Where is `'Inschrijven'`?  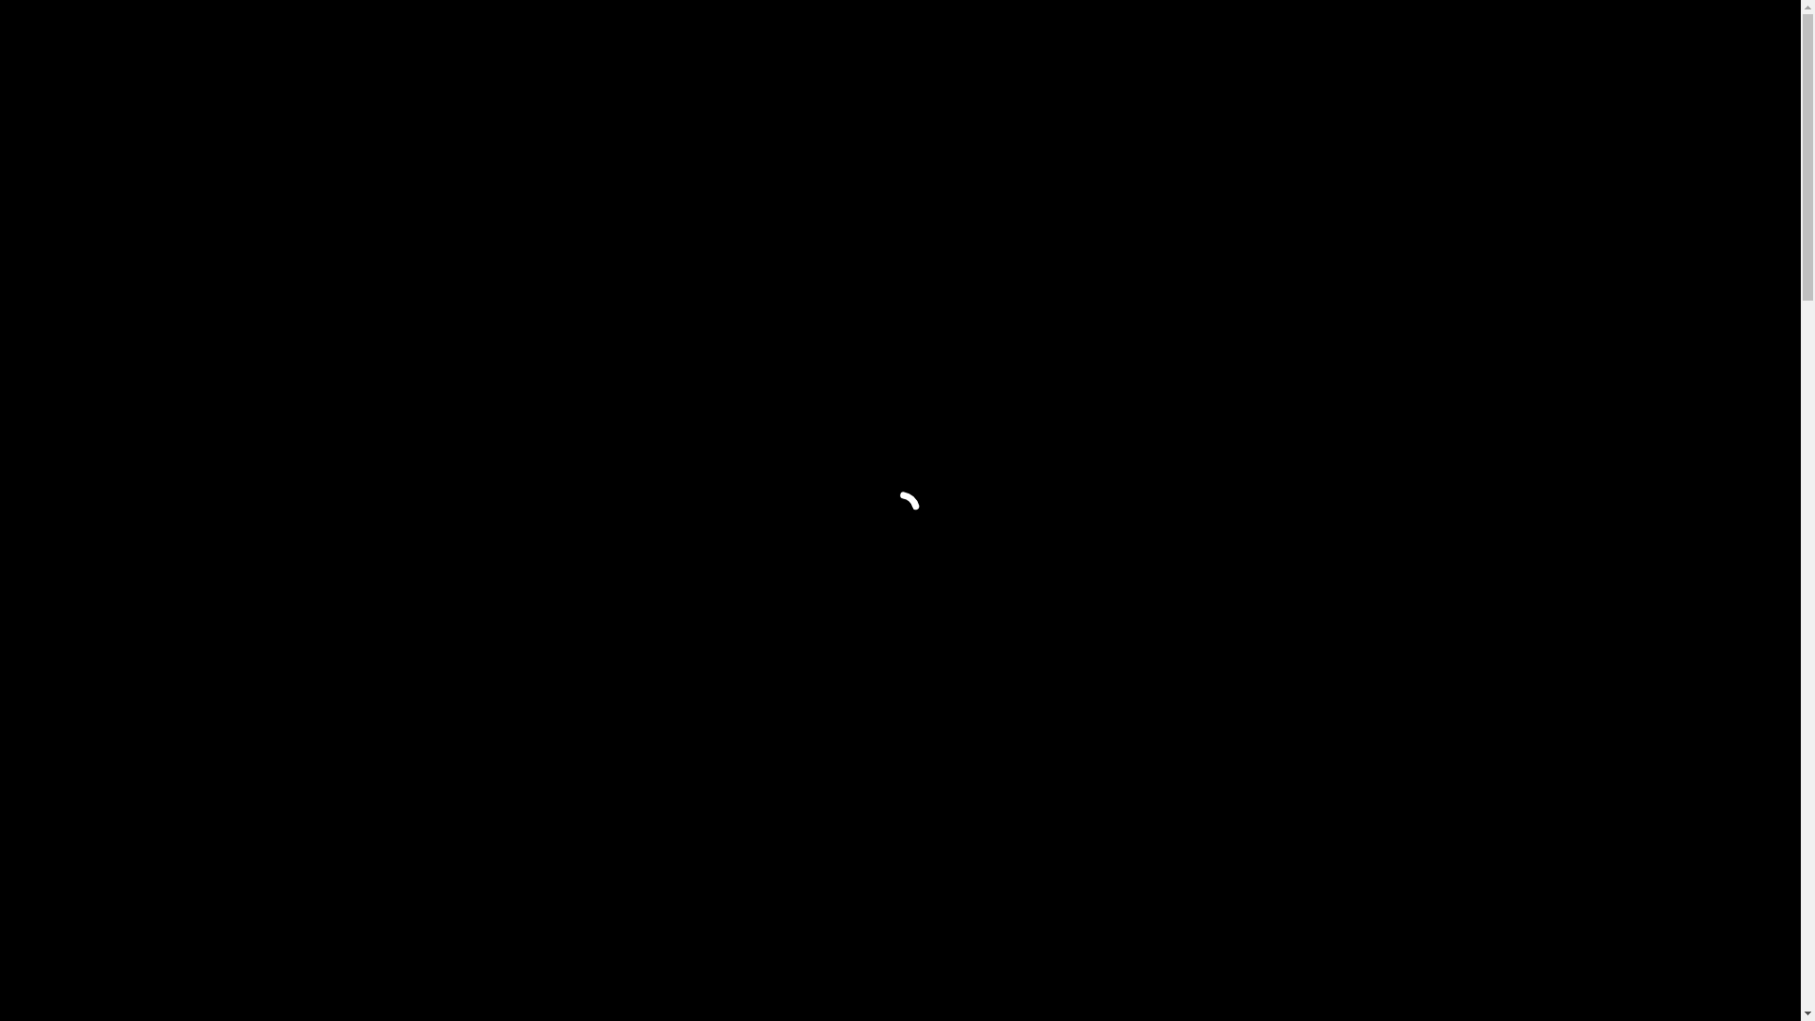 'Inschrijven' is located at coordinates (1339, 43).